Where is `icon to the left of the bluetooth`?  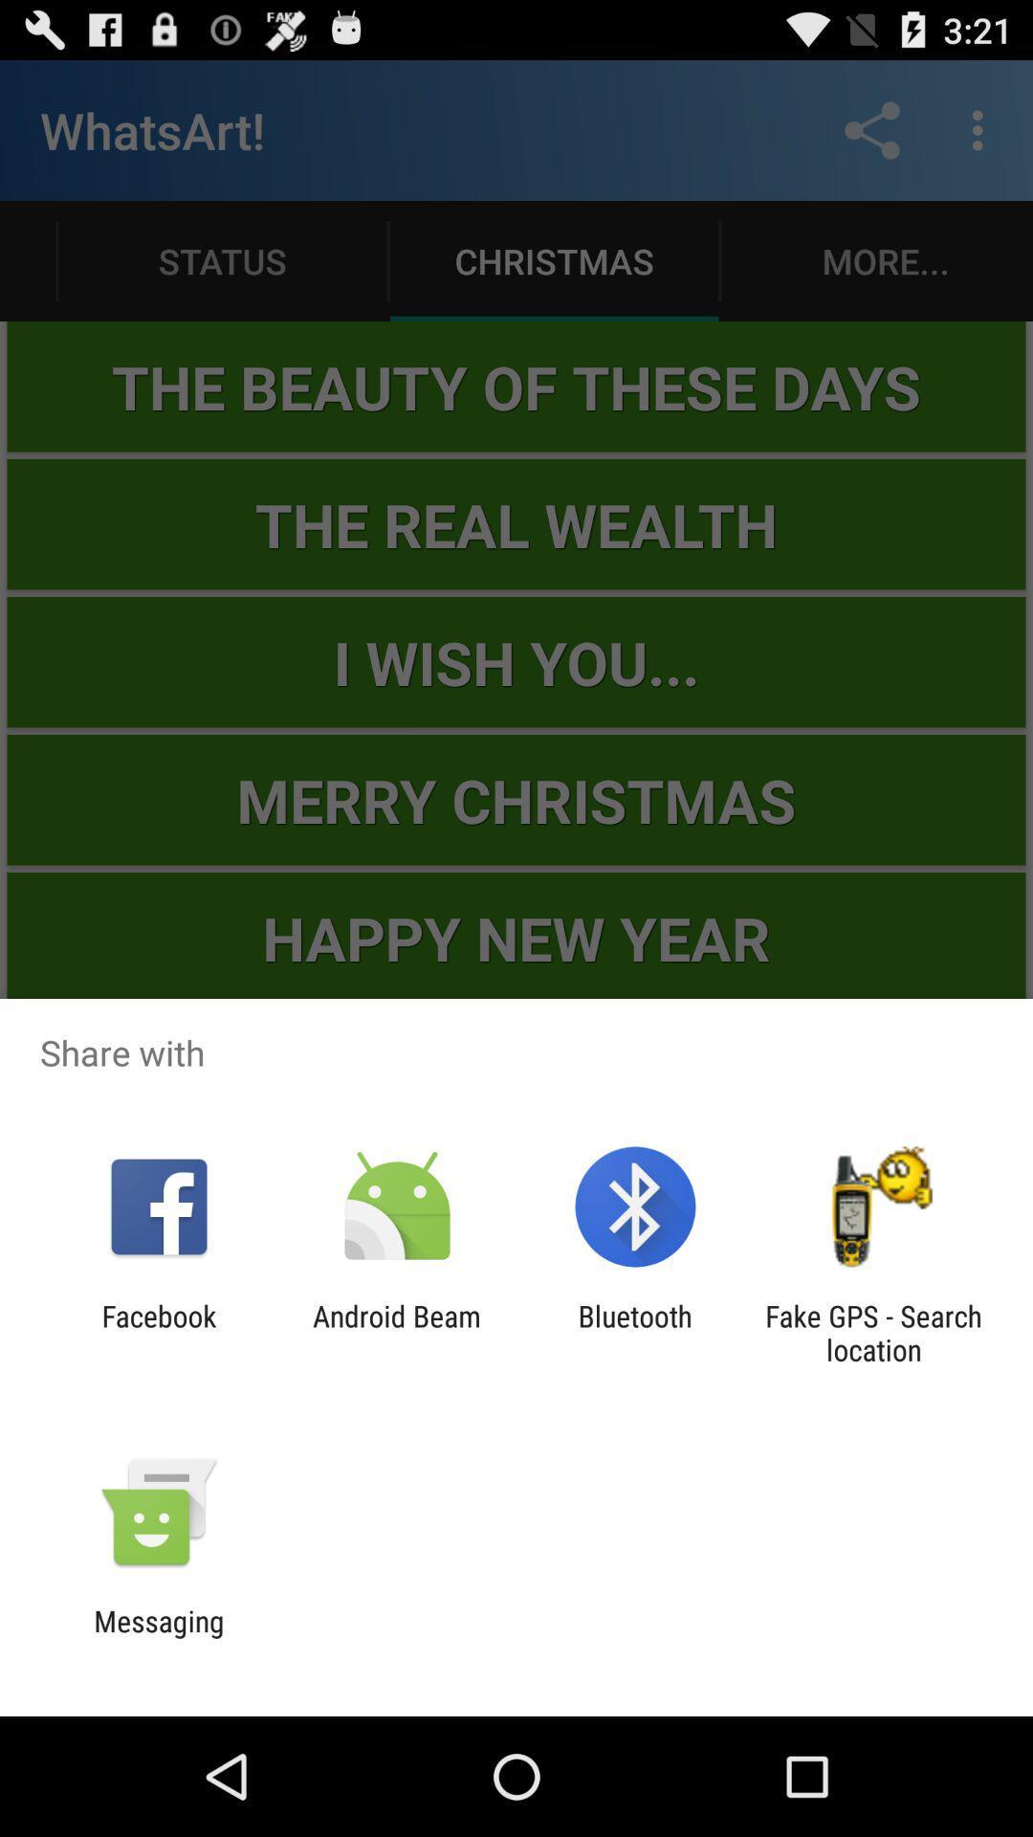 icon to the left of the bluetooth is located at coordinates (396, 1332).